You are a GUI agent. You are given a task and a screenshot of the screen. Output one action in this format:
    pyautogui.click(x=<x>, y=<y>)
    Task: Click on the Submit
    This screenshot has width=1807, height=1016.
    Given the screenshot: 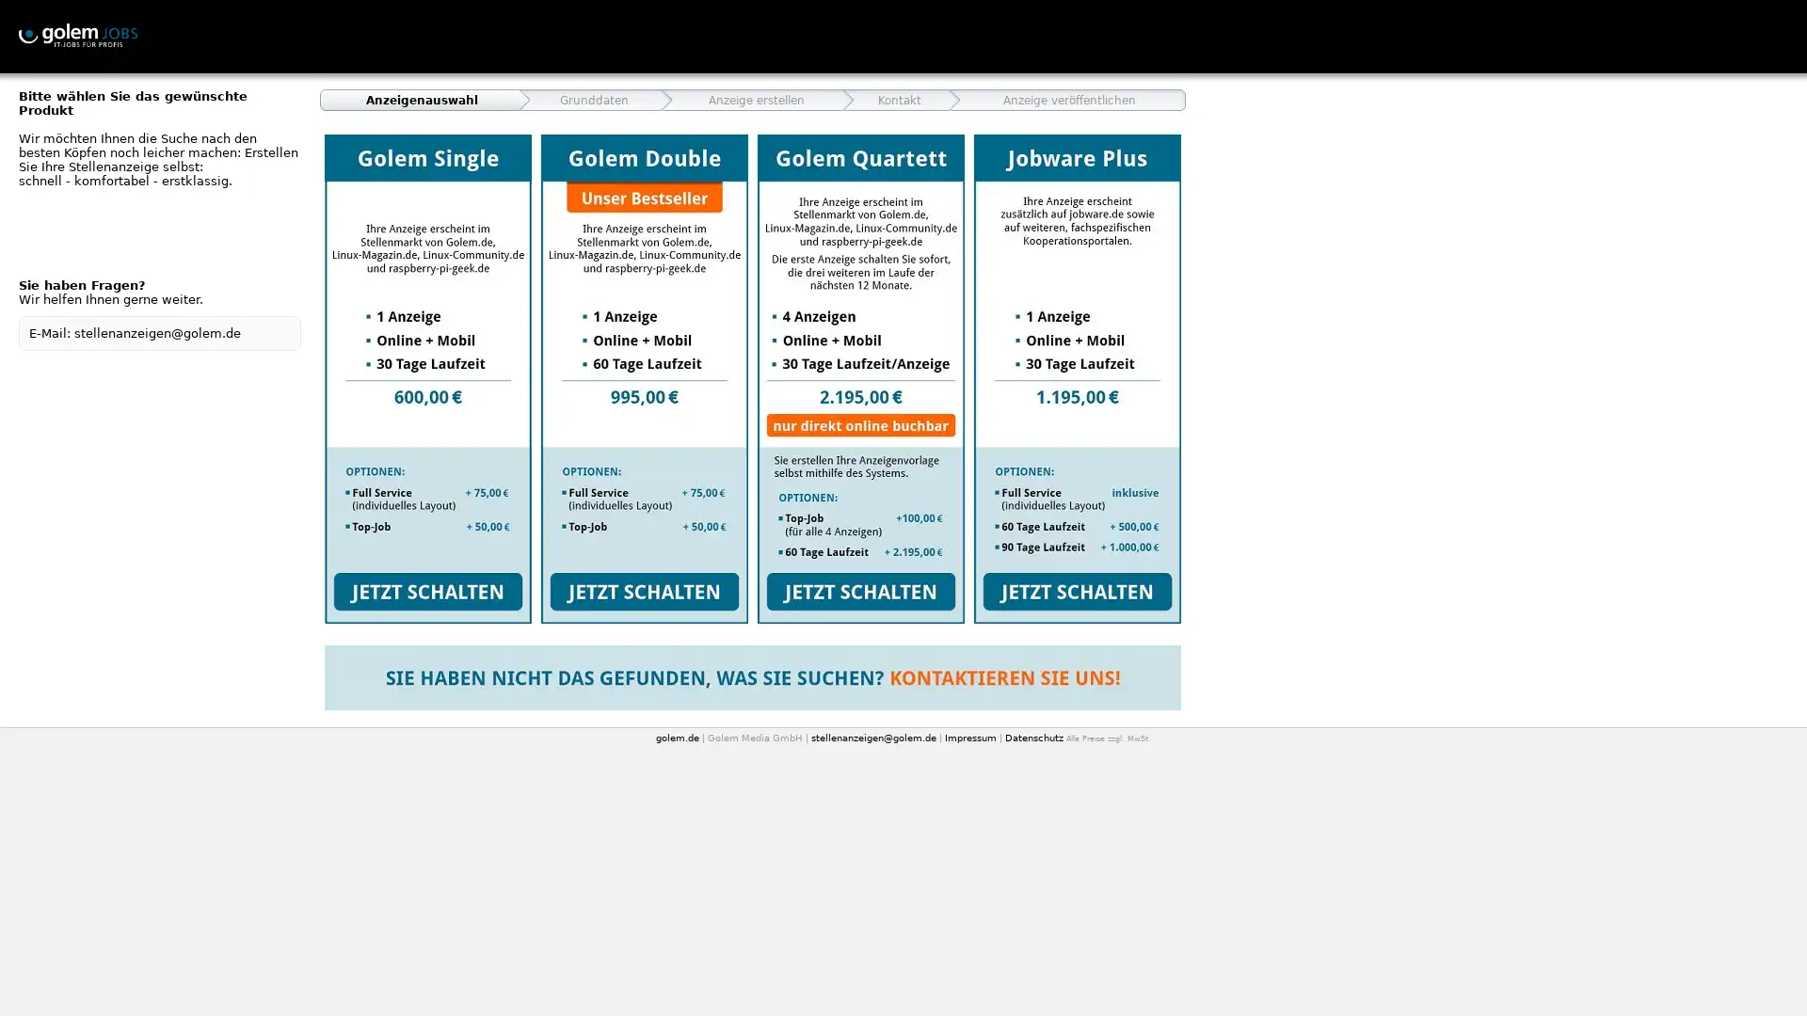 What is the action you would take?
    pyautogui.click(x=645, y=378)
    